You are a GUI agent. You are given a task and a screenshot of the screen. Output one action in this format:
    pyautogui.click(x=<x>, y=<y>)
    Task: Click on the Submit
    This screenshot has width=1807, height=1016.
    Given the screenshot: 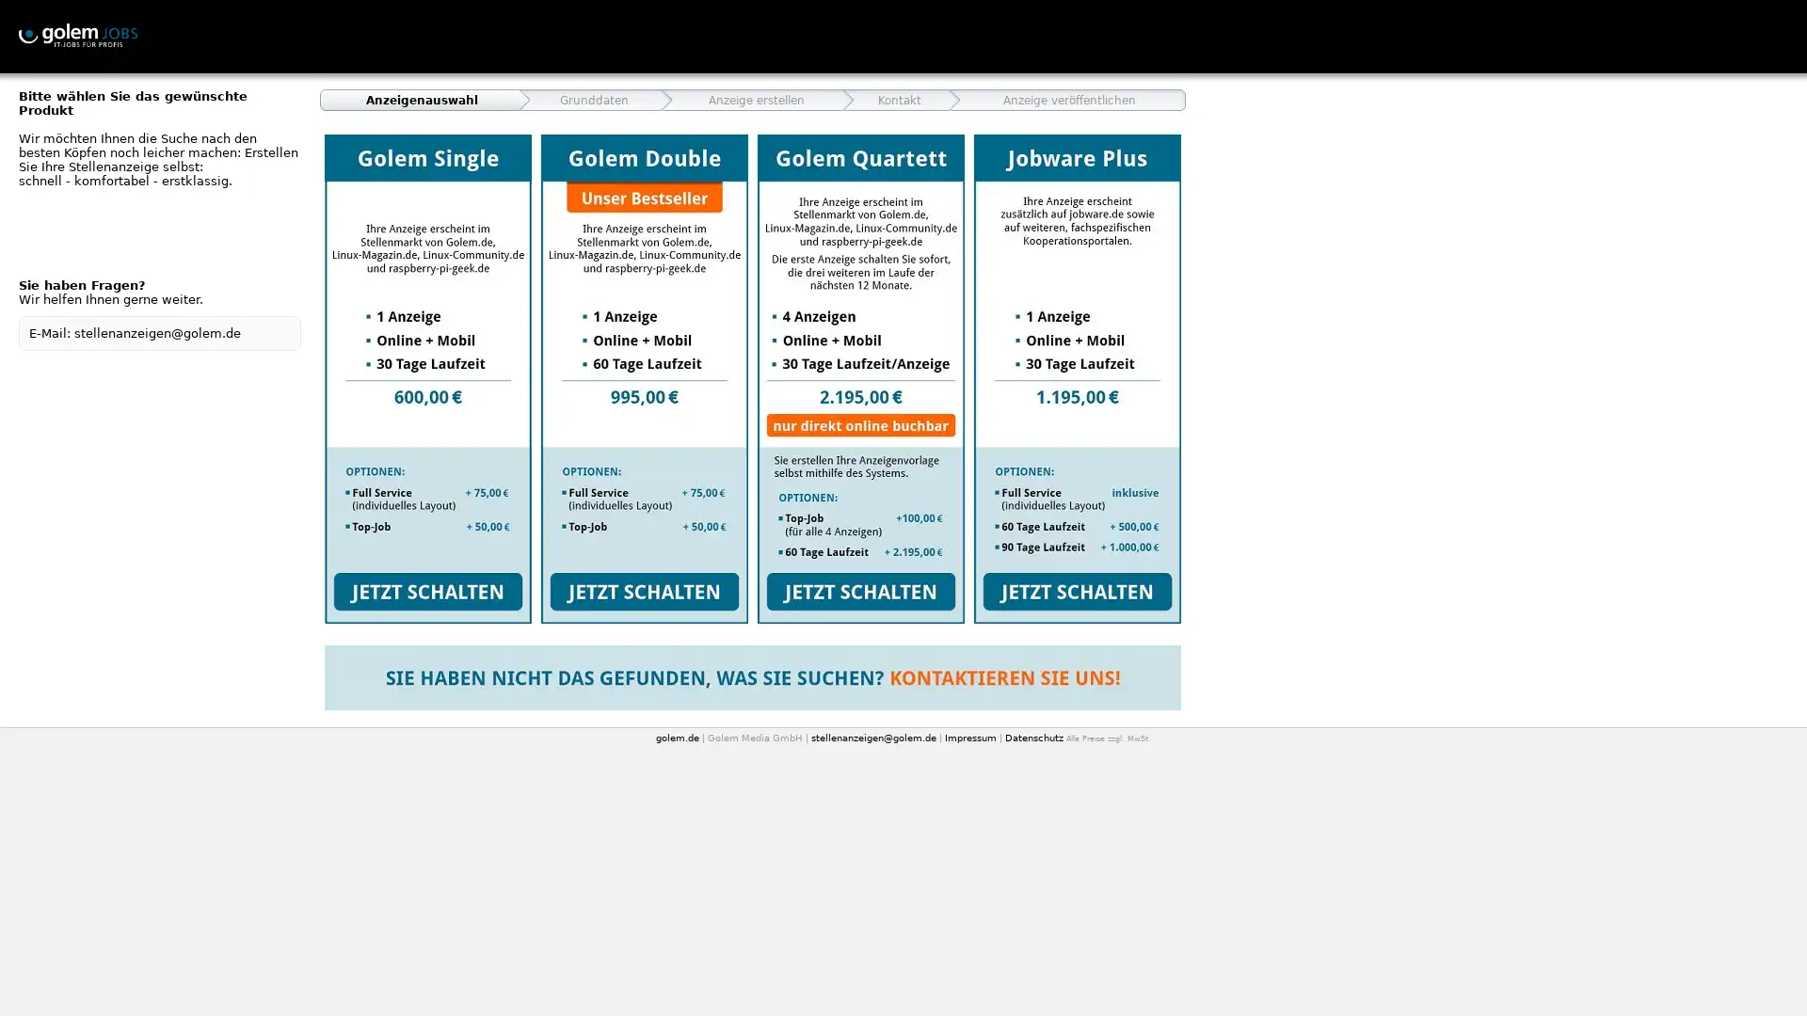 What is the action you would take?
    pyautogui.click(x=645, y=378)
    